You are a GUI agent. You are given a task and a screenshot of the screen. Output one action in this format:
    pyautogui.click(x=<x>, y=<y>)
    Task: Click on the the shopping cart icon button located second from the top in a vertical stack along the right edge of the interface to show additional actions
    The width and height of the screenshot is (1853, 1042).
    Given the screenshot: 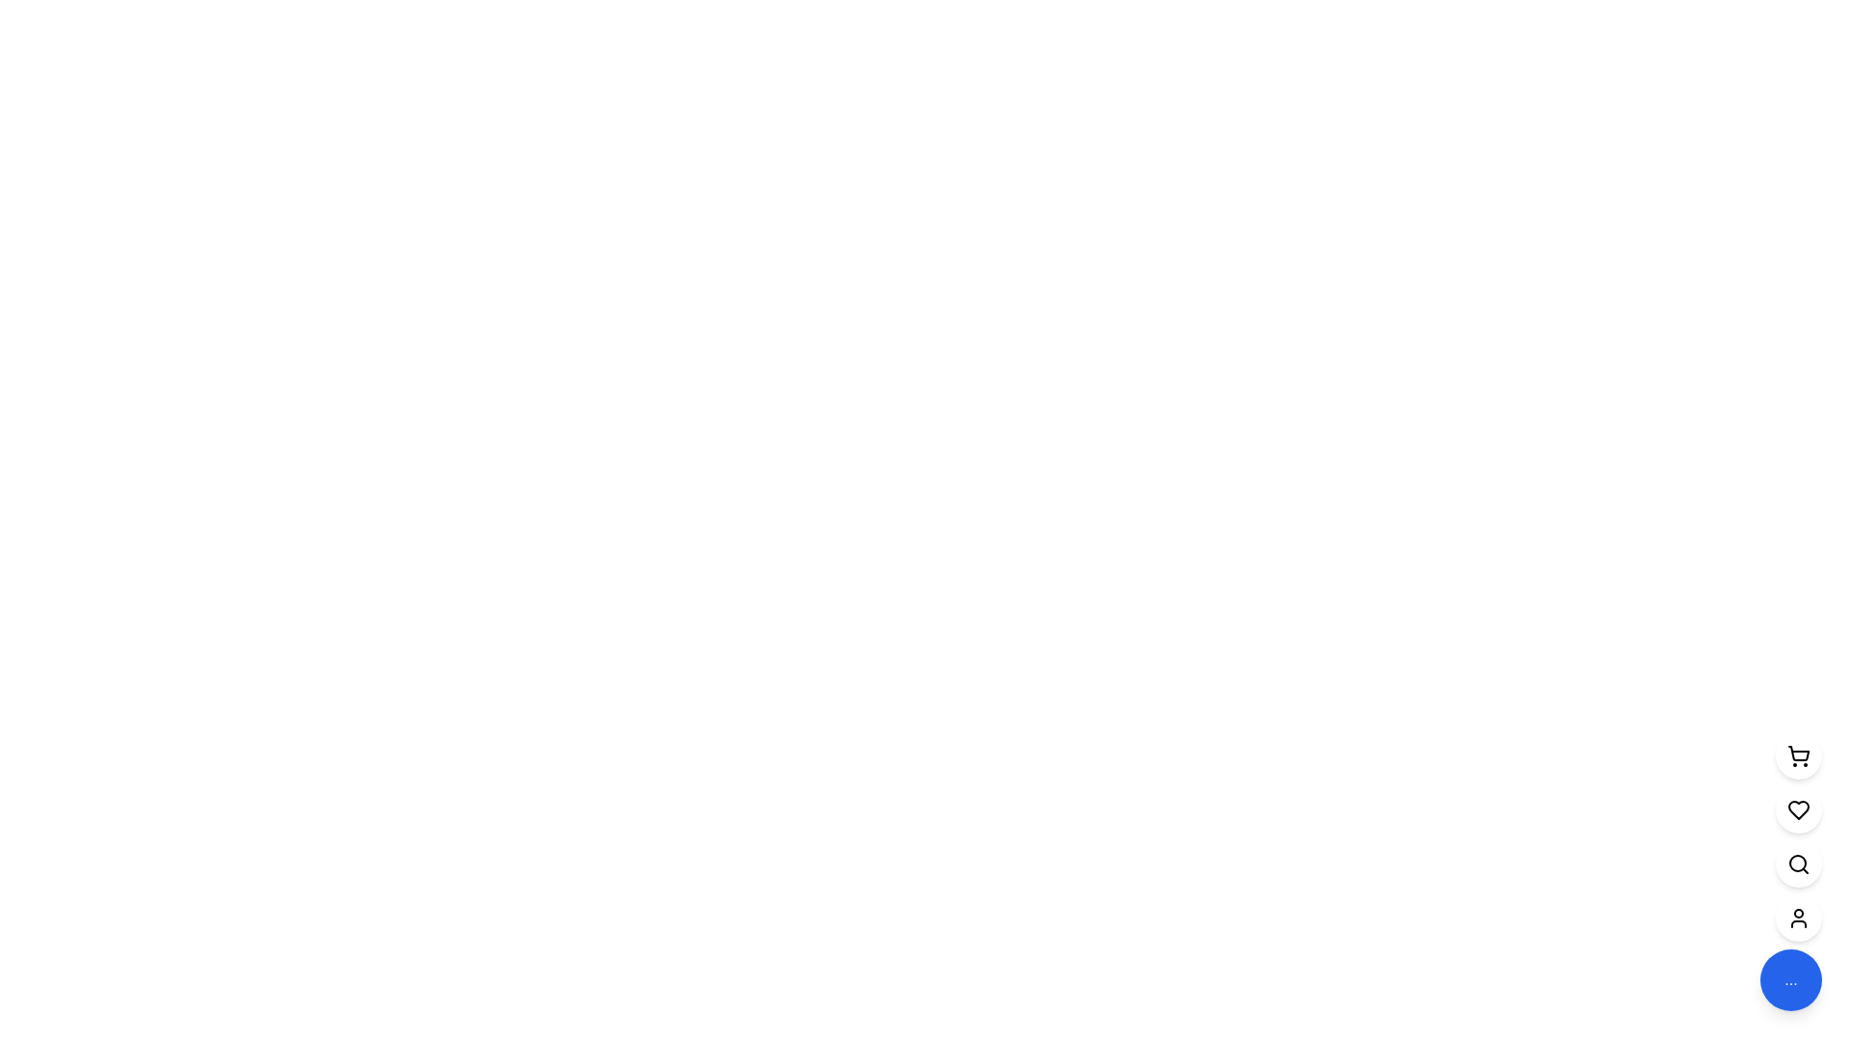 What is the action you would take?
    pyautogui.click(x=1797, y=754)
    